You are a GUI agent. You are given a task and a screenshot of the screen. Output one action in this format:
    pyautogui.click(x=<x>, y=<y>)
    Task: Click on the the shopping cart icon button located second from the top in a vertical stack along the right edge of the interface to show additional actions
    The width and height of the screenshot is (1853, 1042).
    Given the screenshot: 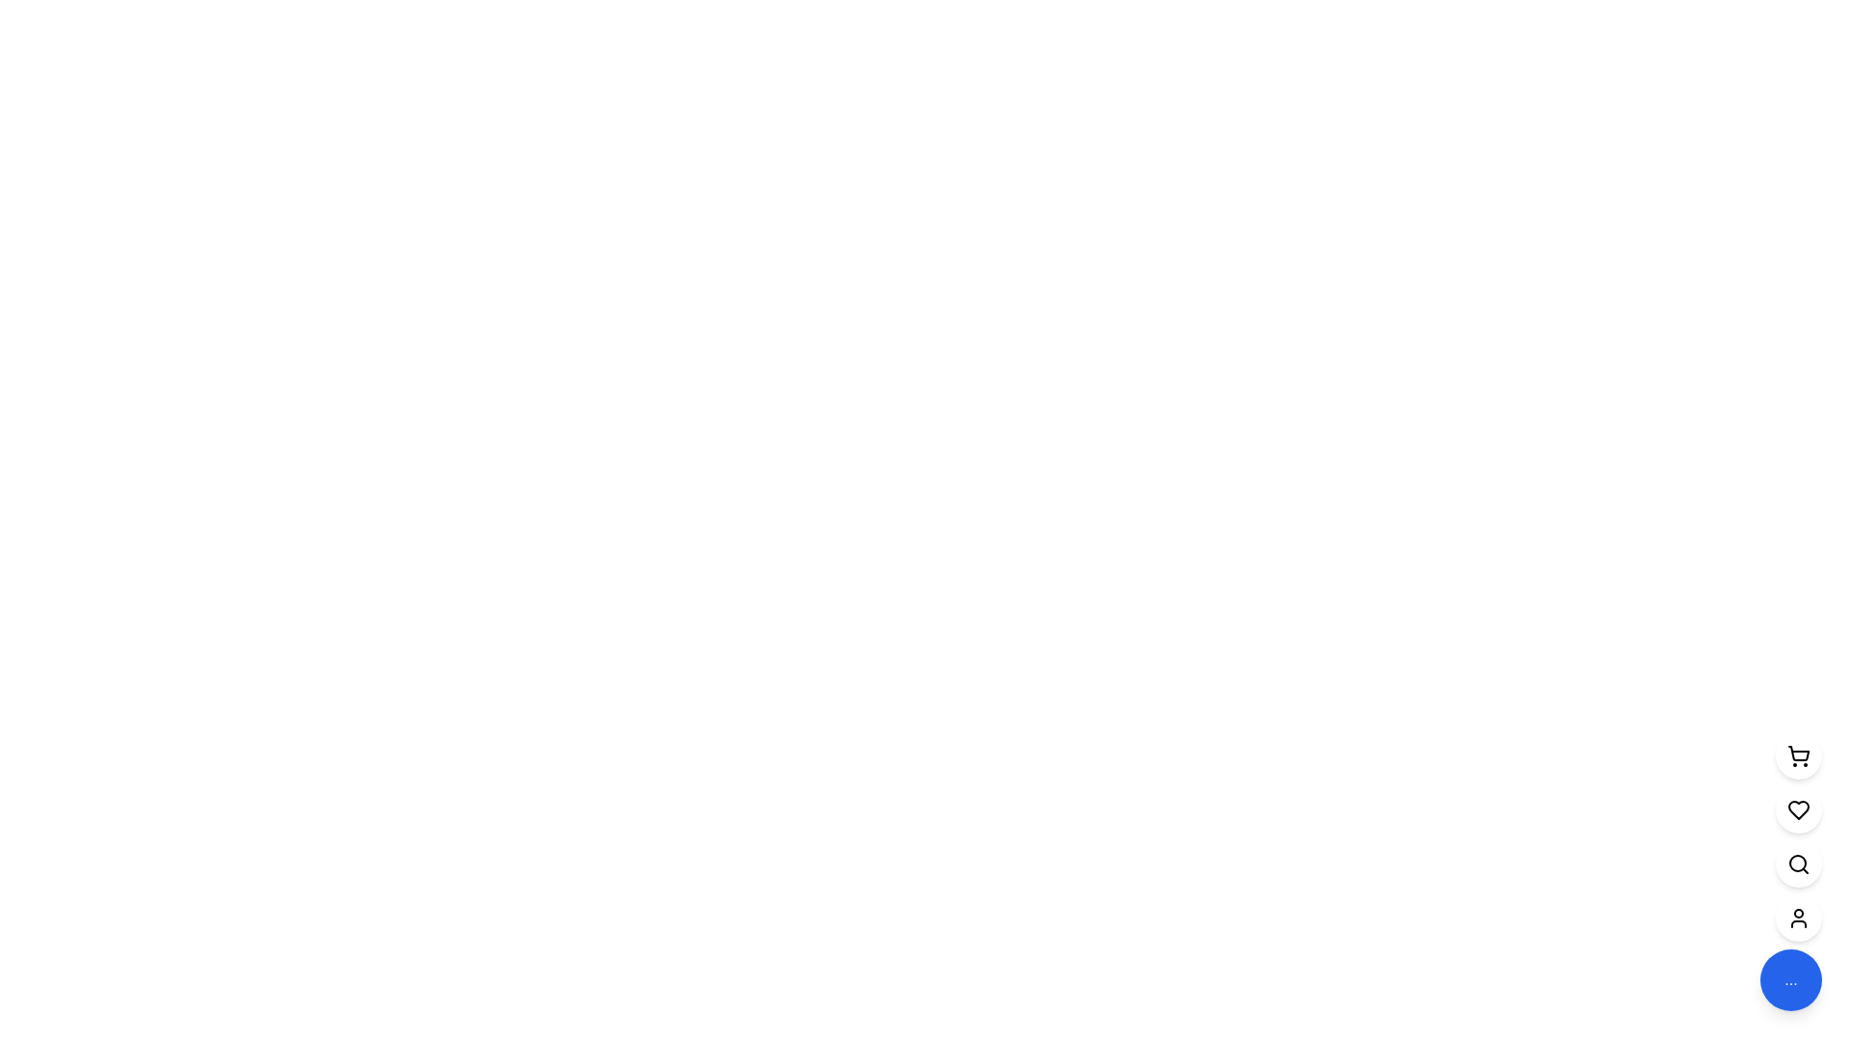 What is the action you would take?
    pyautogui.click(x=1797, y=754)
    